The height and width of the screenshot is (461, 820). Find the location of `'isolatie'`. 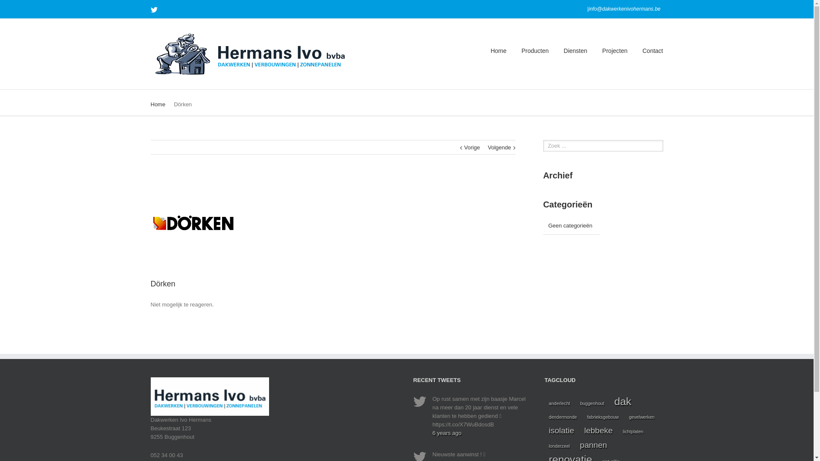

'isolatie' is located at coordinates (561, 431).